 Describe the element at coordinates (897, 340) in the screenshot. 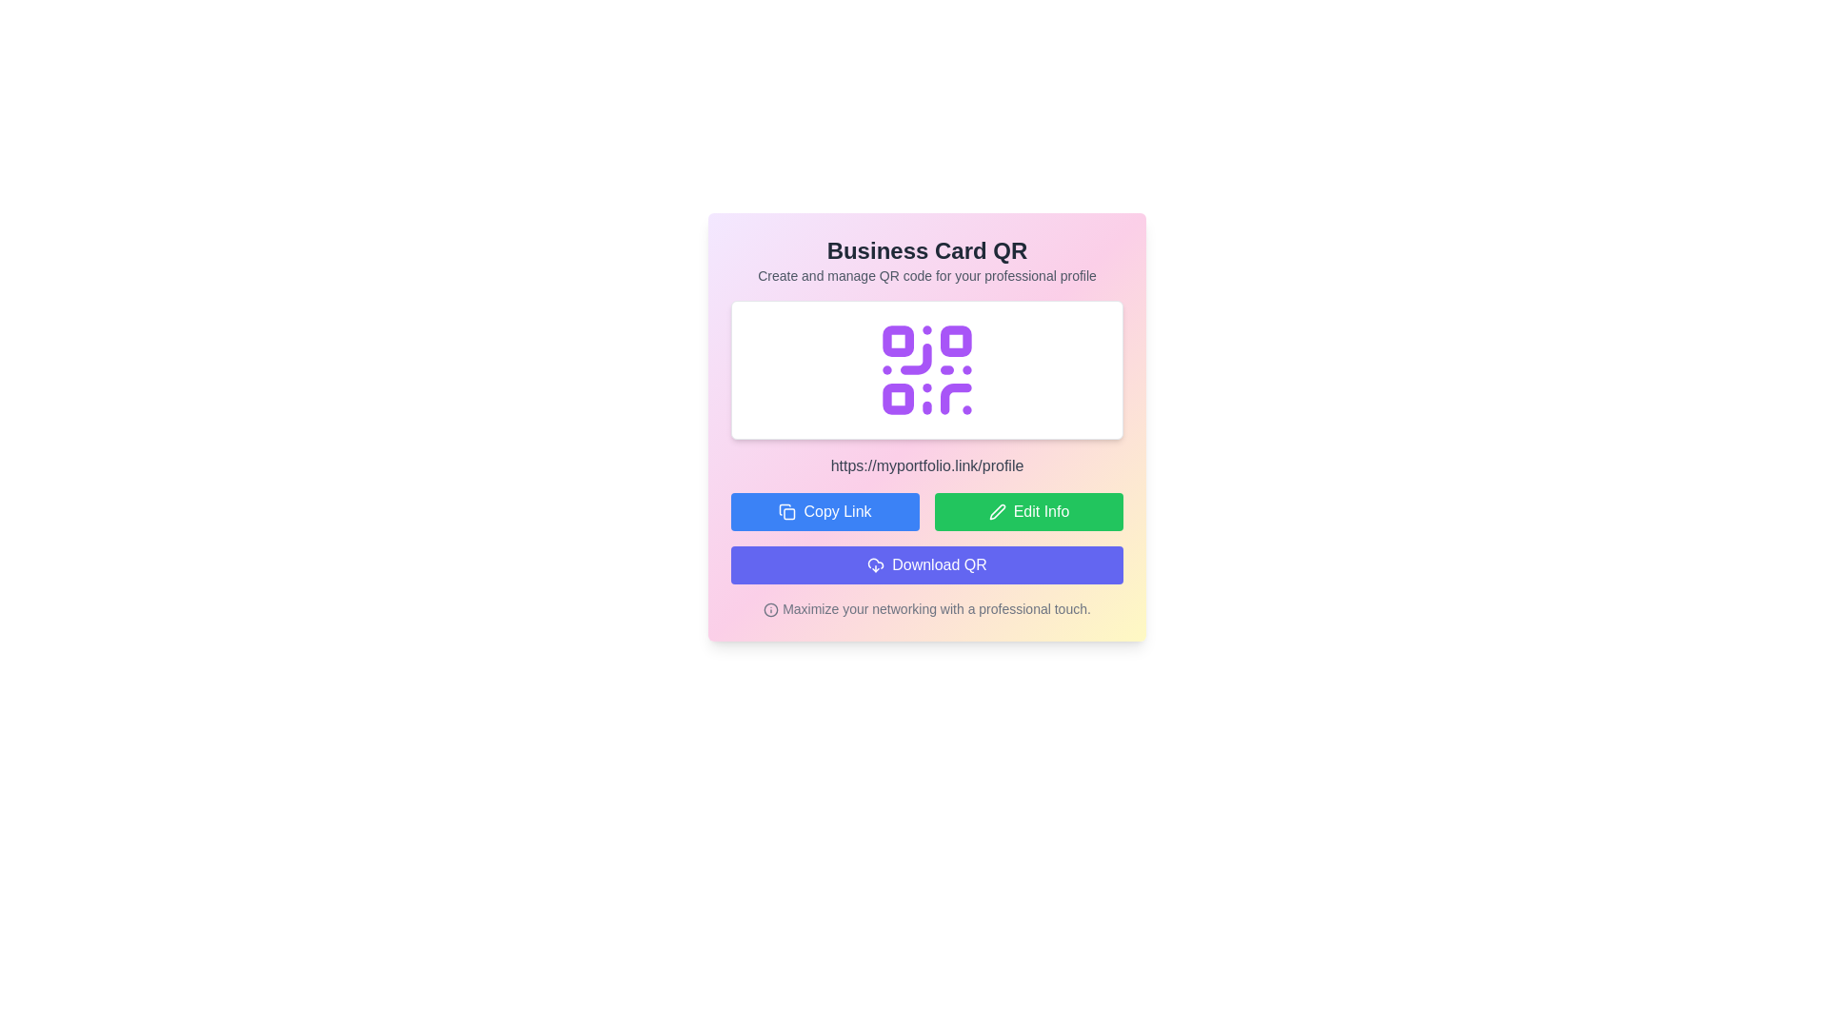

I see `the first square in the top-left section of the QR code graphic, which is part of the QR code's decorative component` at that location.